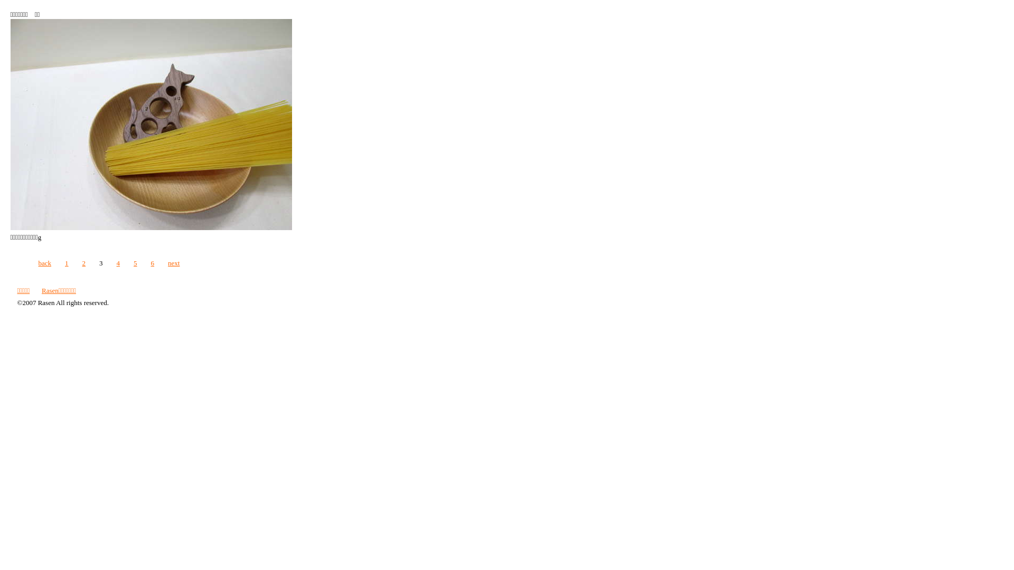 The image size is (1014, 570). What do you see at coordinates (174, 262) in the screenshot?
I see `'next'` at bounding box center [174, 262].